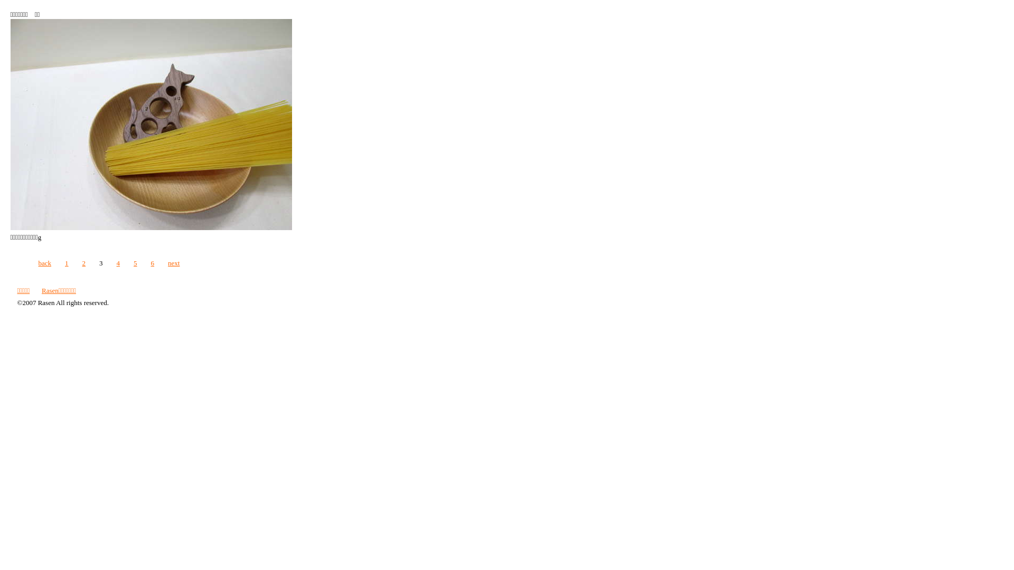 The image size is (1014, 570). What do you see at coordinates (174, 262) in the screenshot?
I see `'next'` at bounding box center [174, 262].